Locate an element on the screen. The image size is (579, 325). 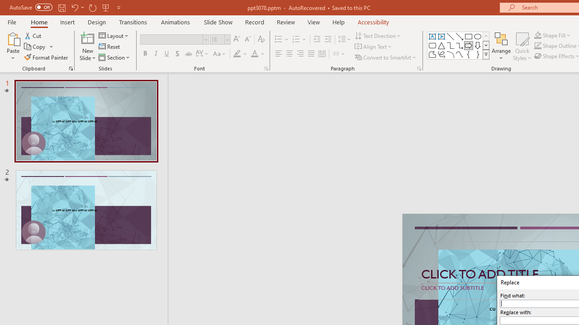
'Section' is located at coordinates (114, 57).